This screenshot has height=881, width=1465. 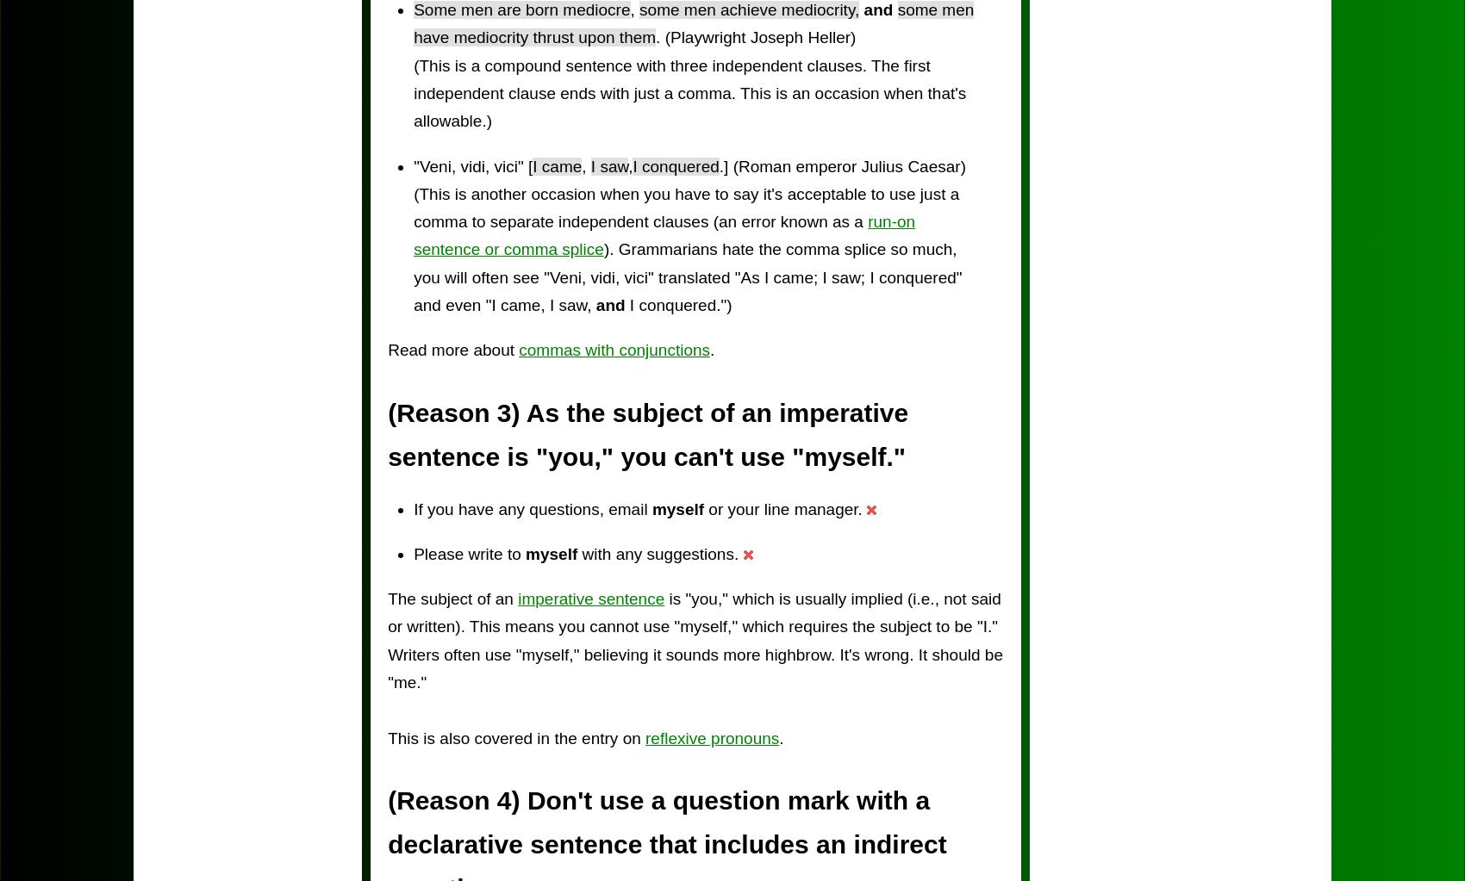 What do you see at coordinates (387, 598) in the screenshot?
I see `'The subject of an'` at bounding box center [387, 598].